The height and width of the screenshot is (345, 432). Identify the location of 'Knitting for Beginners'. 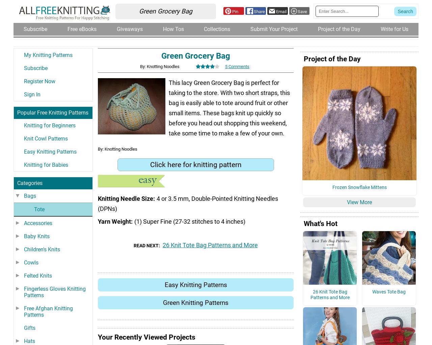
(49, 134).